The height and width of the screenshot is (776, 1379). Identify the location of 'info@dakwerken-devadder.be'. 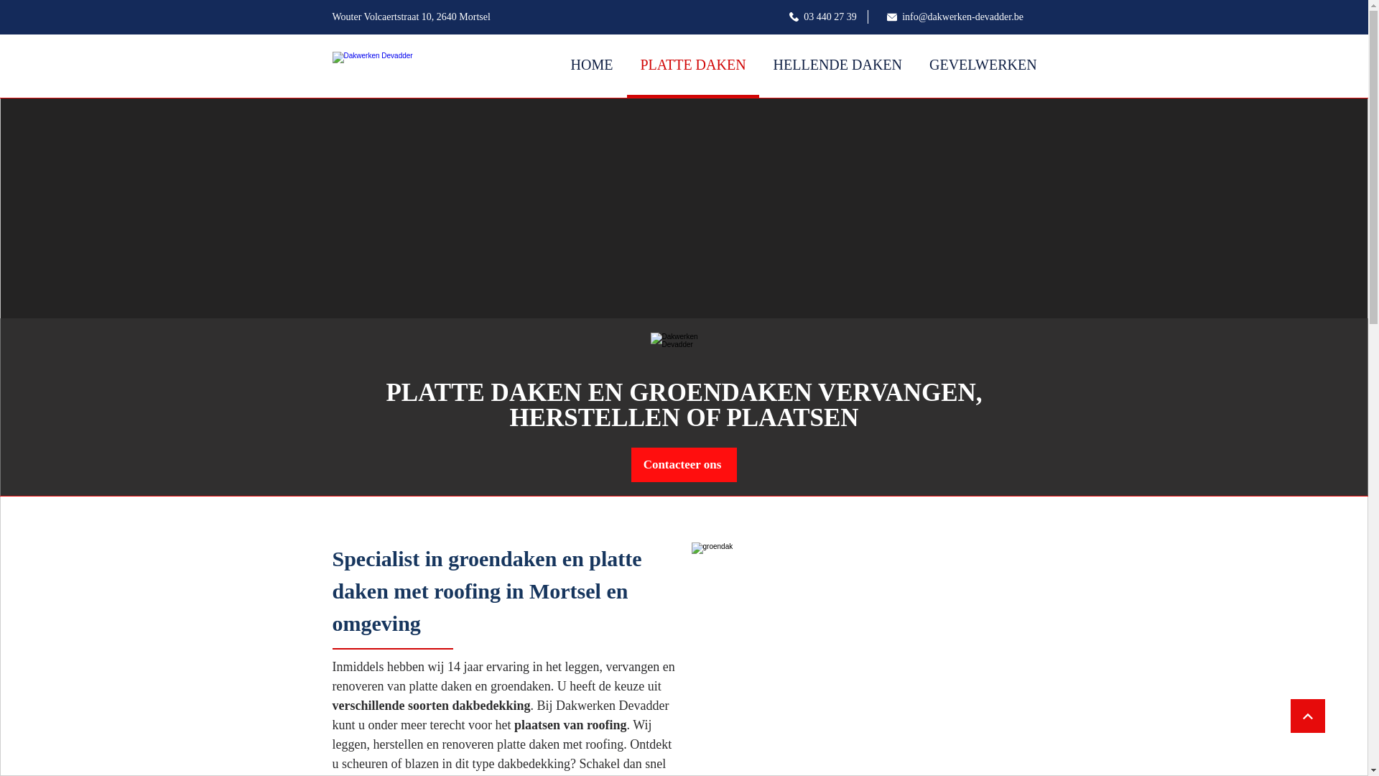
(955, 17).